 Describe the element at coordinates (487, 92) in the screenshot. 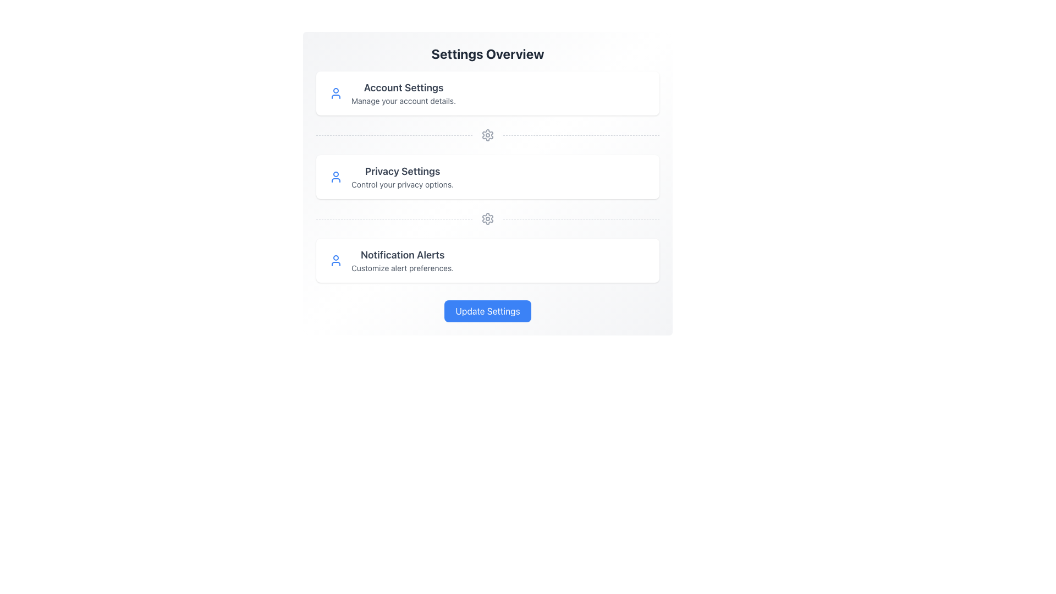

I see `the first card item in the Settings Overview section, which contains the title 'Account Settings' and the description 'Manage your account details.'` at that location.